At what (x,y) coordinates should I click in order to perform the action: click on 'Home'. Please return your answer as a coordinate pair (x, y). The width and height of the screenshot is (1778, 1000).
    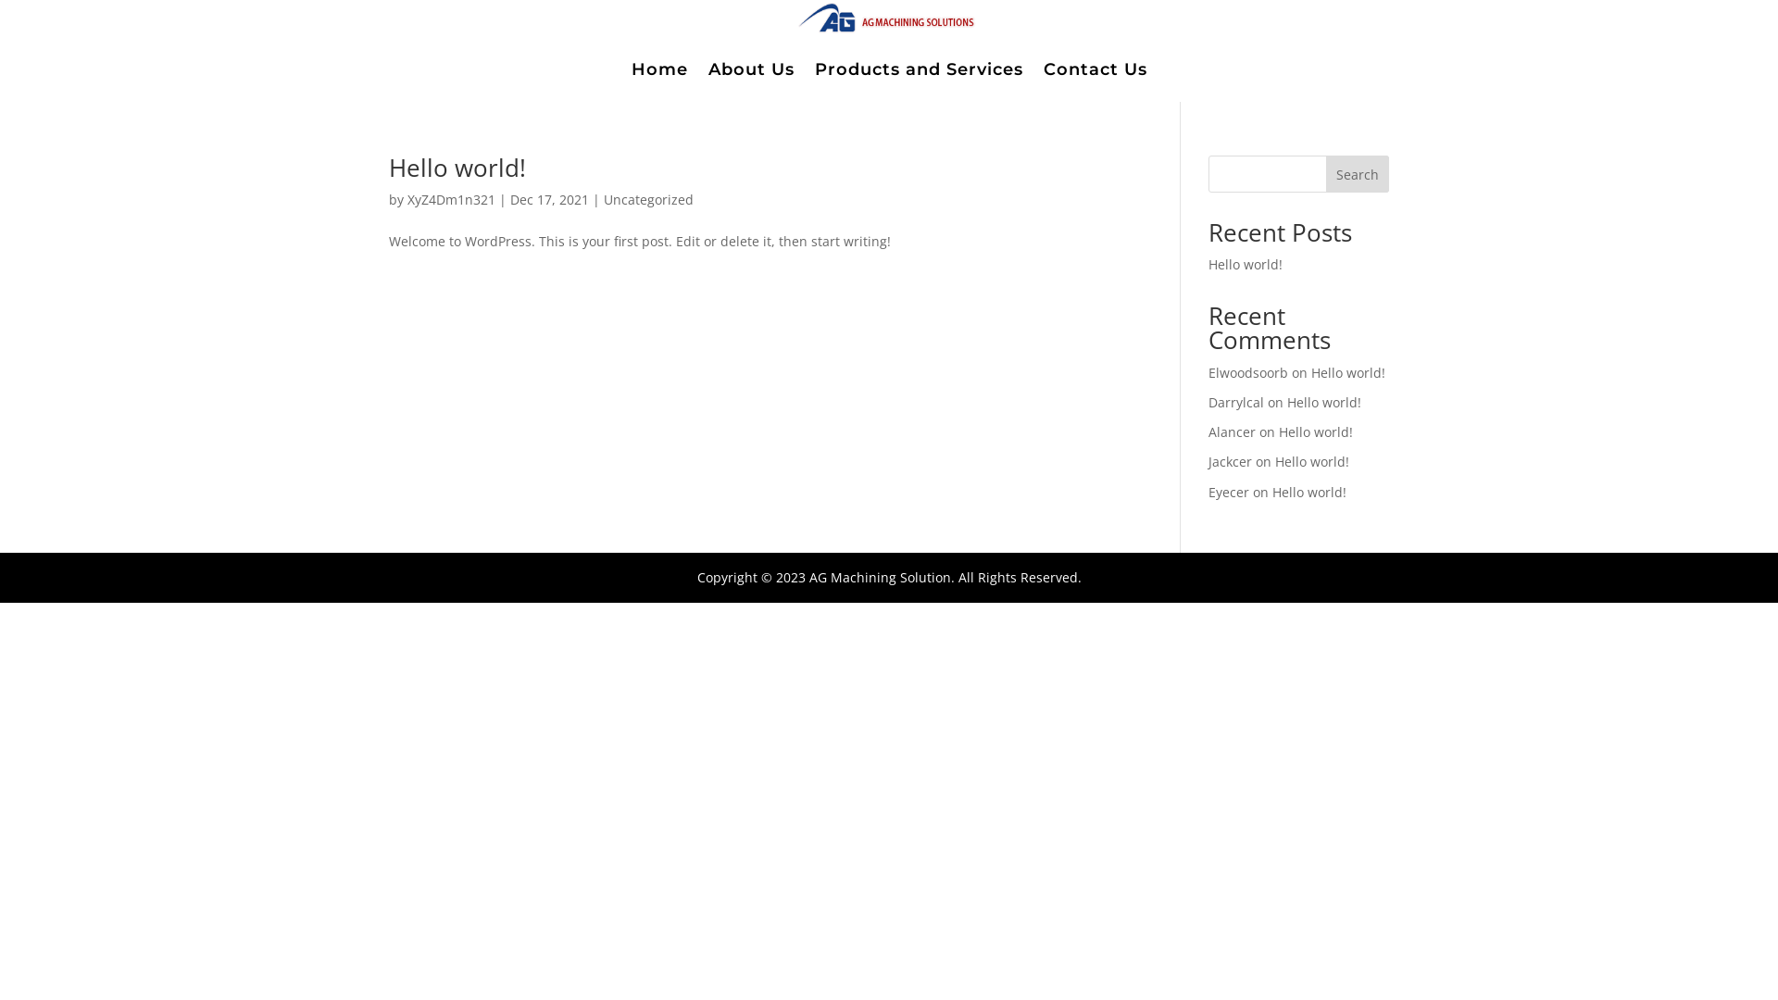
    Looking at the image, I should click on (659, 68).